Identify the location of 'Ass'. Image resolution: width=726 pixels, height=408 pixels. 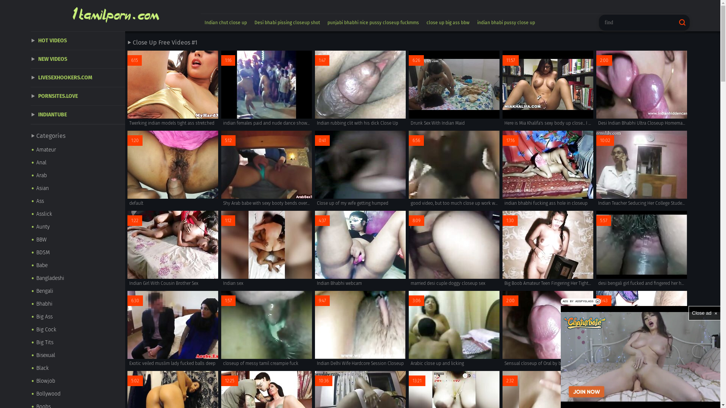
(78, 201).